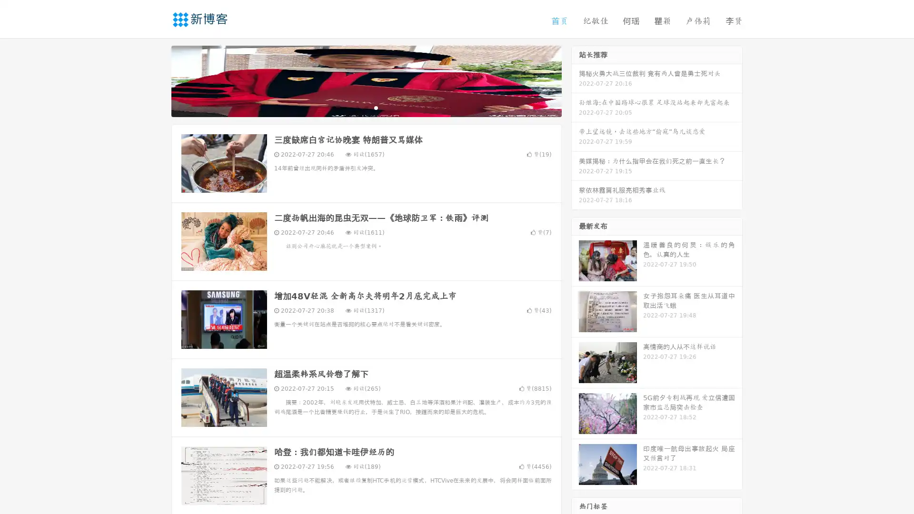  What do you see at coordinates (366, 107) in the screenshot?
I see `Go to slide 2` at bounding box center [366, 107].